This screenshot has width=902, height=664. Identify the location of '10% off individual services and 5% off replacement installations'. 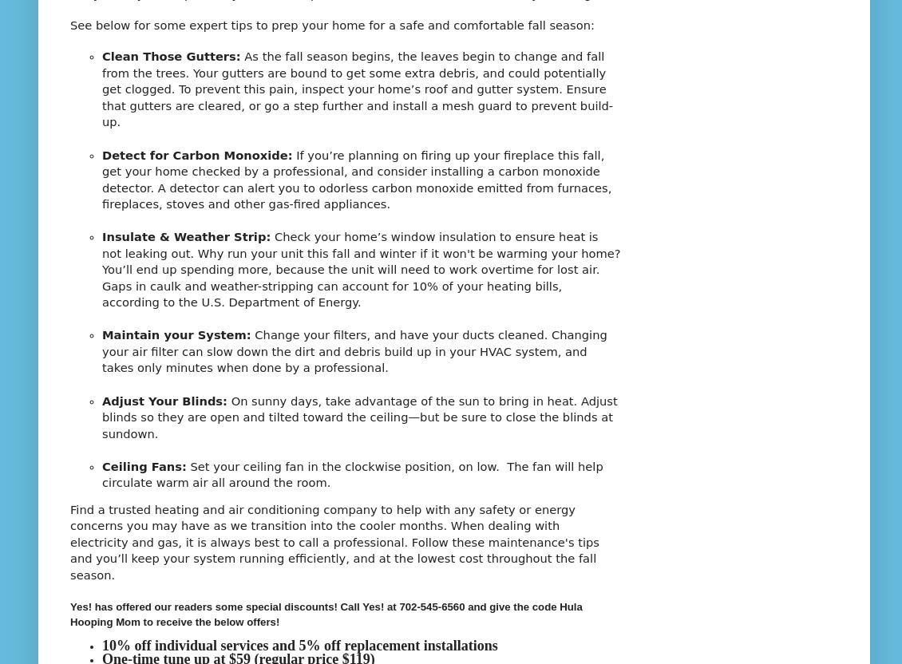
(299, 645).